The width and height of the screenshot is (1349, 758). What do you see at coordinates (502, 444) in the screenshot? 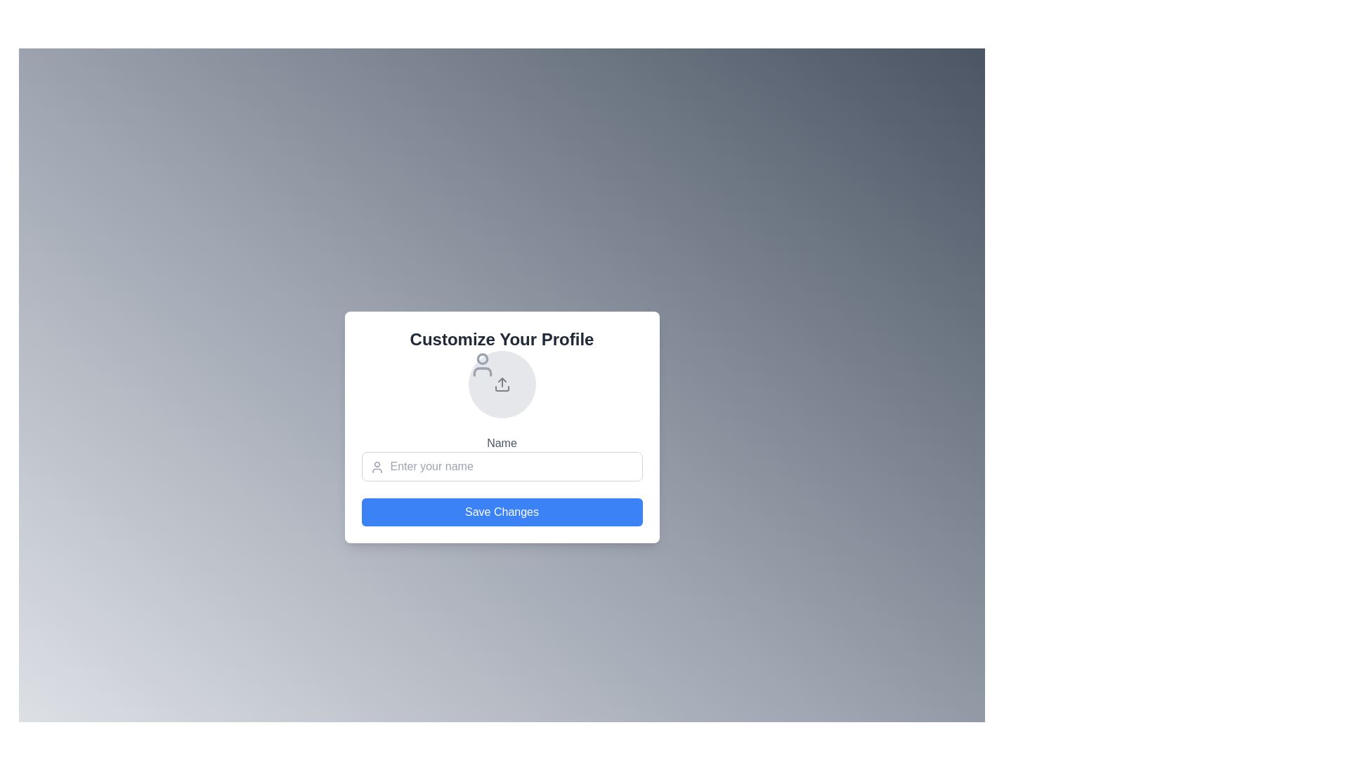
I see `the text label that provides context for the 'Enter your name' input field, located directly above it within the modal window` at bounding box center [502, 444].